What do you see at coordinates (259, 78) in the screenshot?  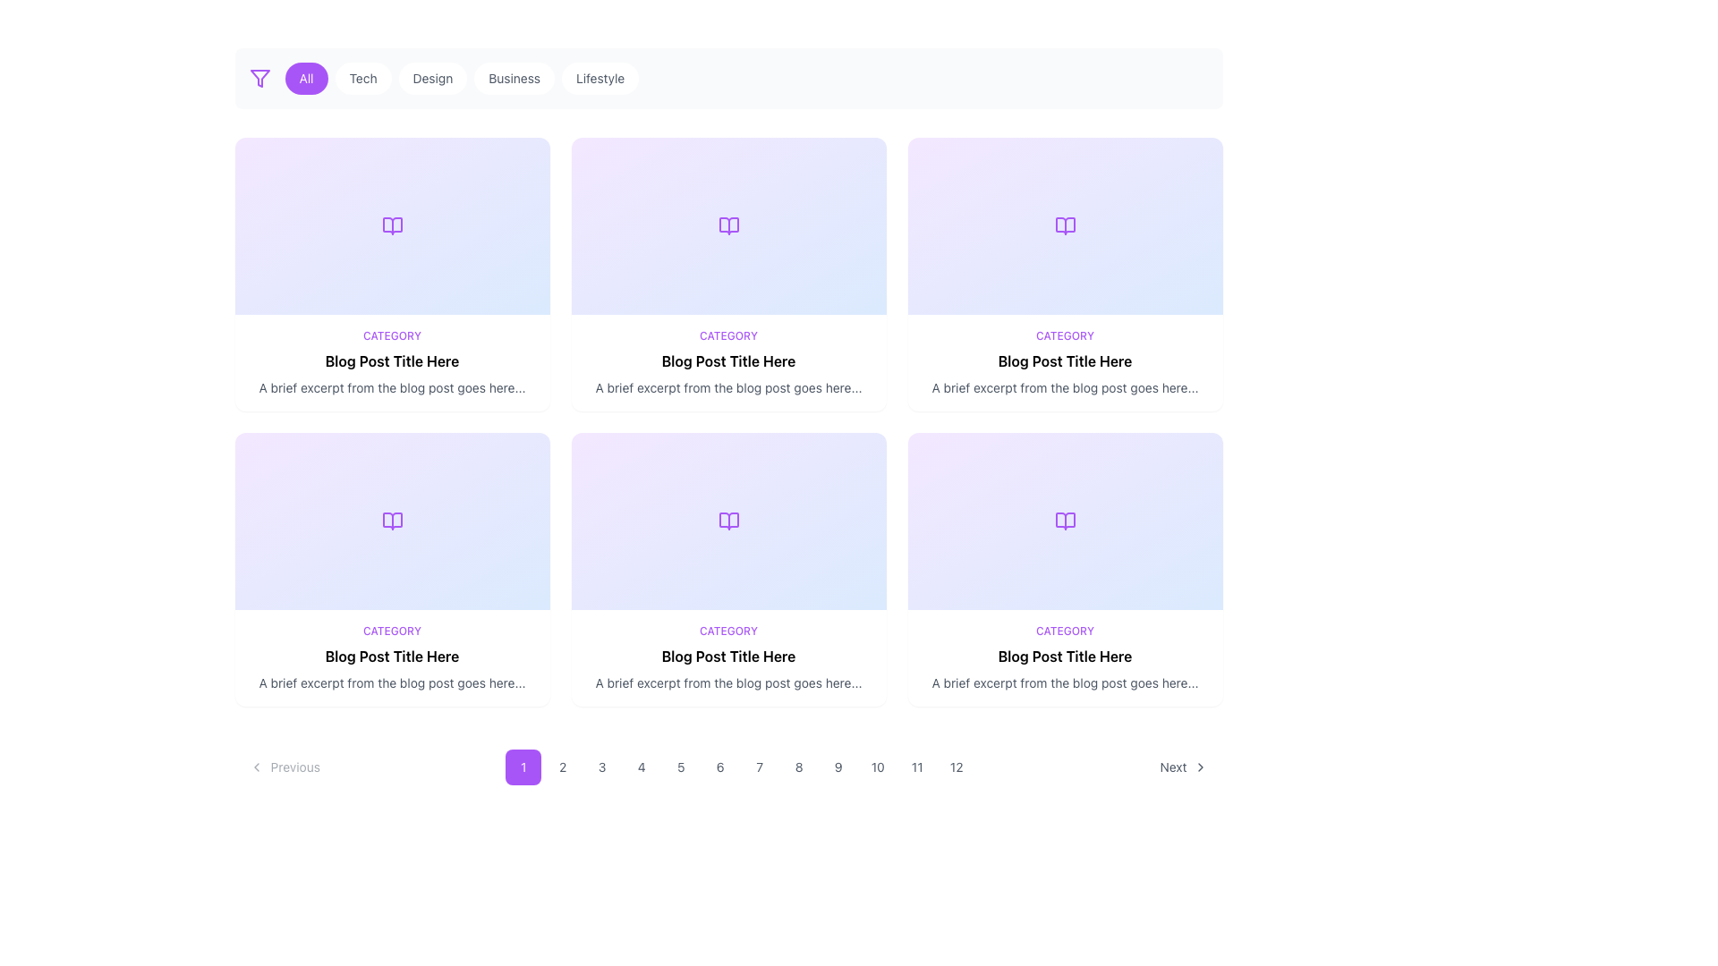 I see `the filter icon located at the far left of the filter options row to trigger a tooltip or visual feedback` at bounding box center [259, 78].